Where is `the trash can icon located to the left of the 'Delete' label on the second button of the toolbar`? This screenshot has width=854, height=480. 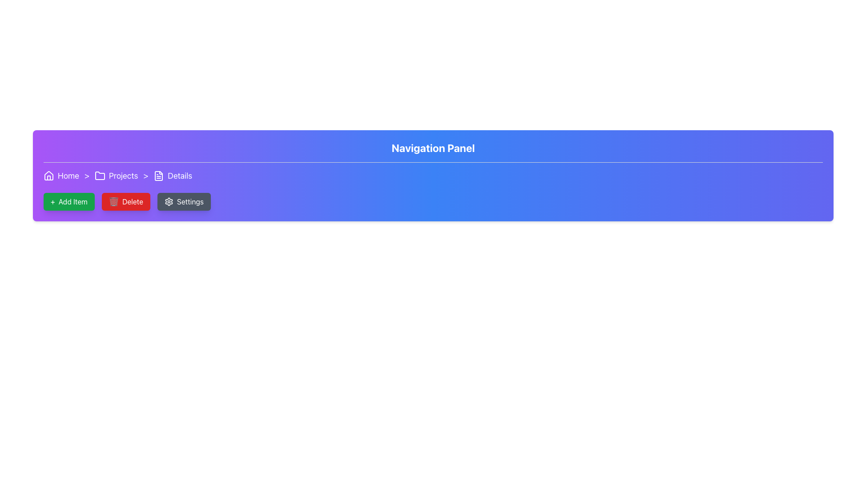
the trash can icon located to the left of the 'Delete' label on the second button of the toolbar is located at coordinates (113, 202).